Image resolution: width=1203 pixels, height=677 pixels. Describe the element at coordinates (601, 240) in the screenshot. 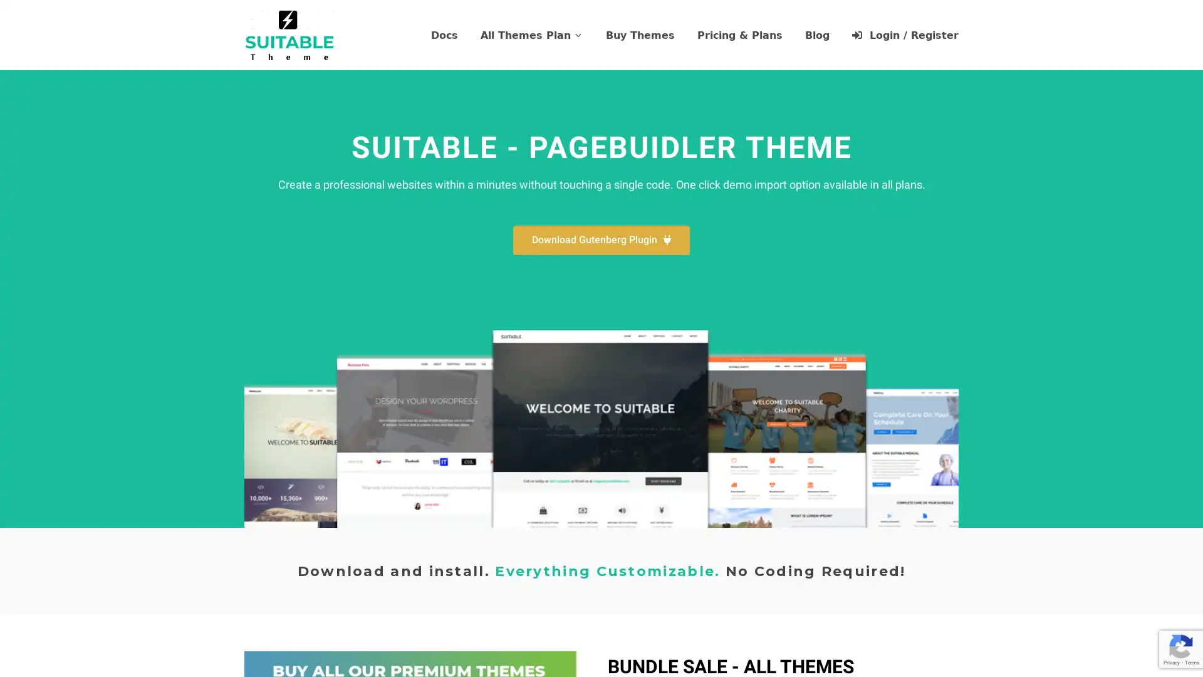

I see `Download Gutenberg Plugin` at that location.